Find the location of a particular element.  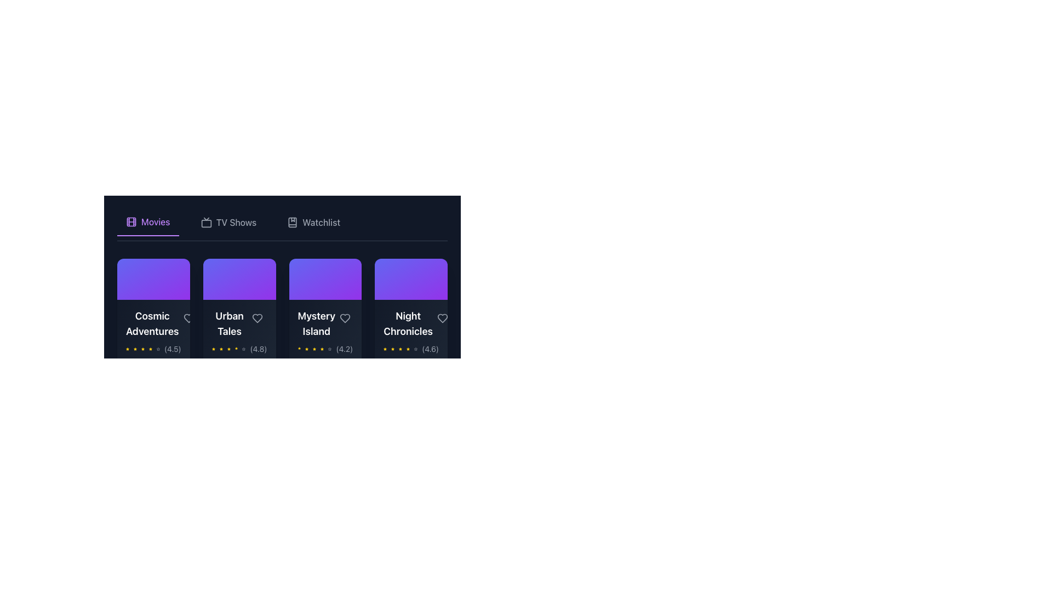

the fourth yellow star icon in the rating display for the movie 'Cosmic Adventures' is located at coordinates (150, 349).